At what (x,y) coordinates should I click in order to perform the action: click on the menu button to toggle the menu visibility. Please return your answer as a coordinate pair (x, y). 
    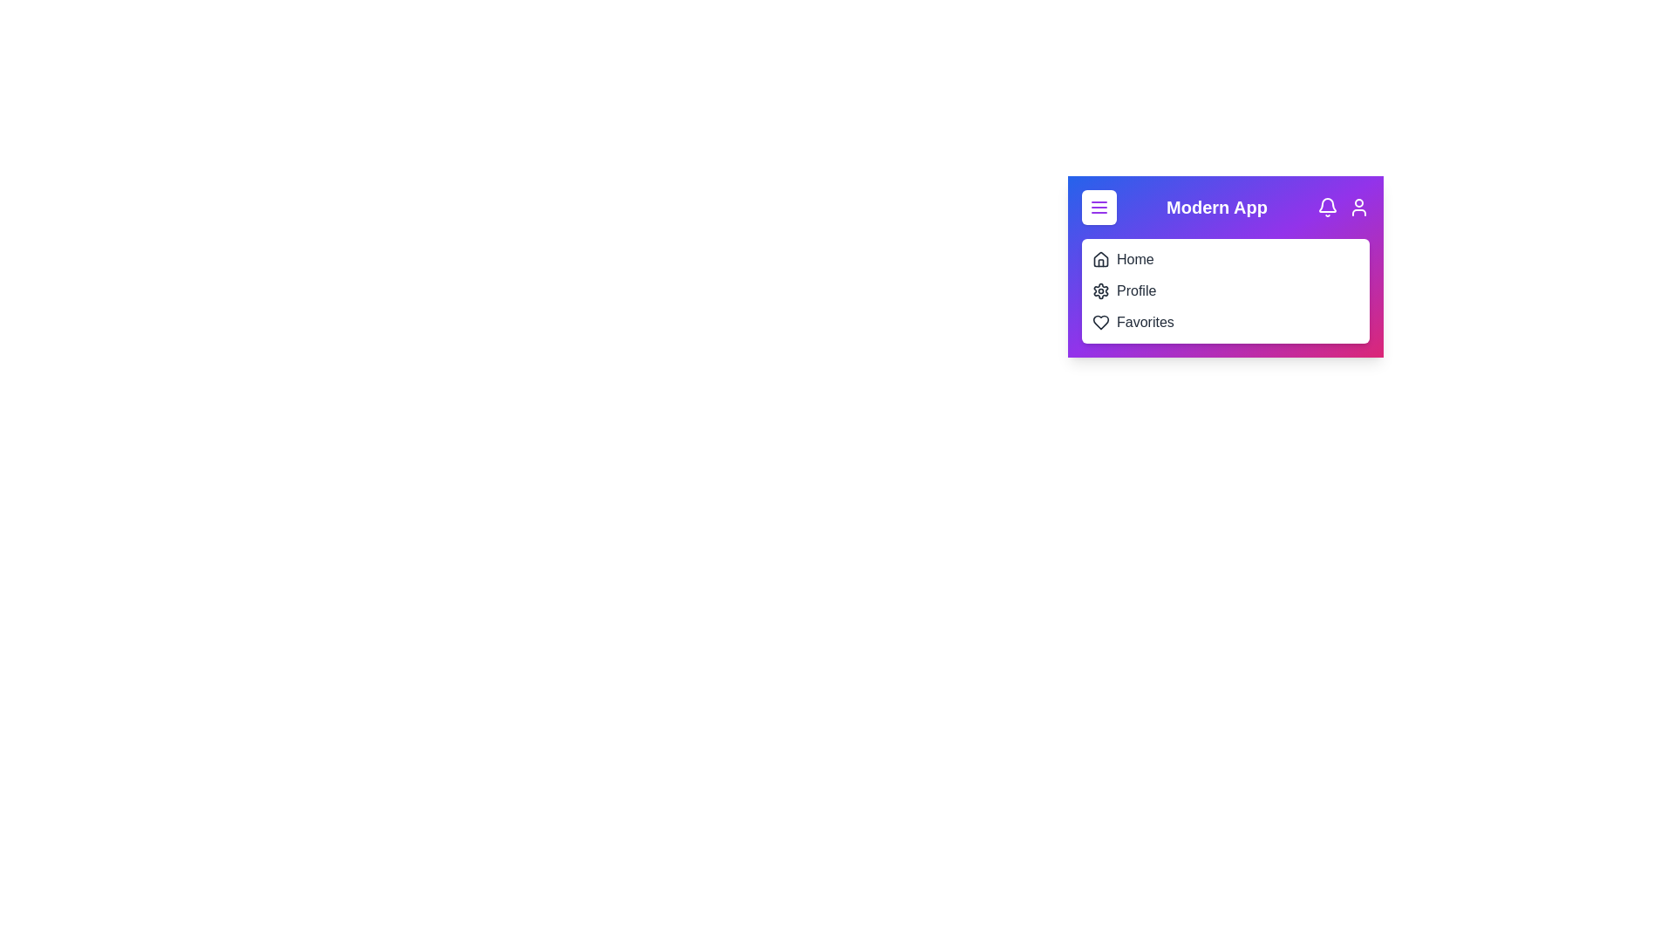
    Looking at the image, I should click on (1099, 207).